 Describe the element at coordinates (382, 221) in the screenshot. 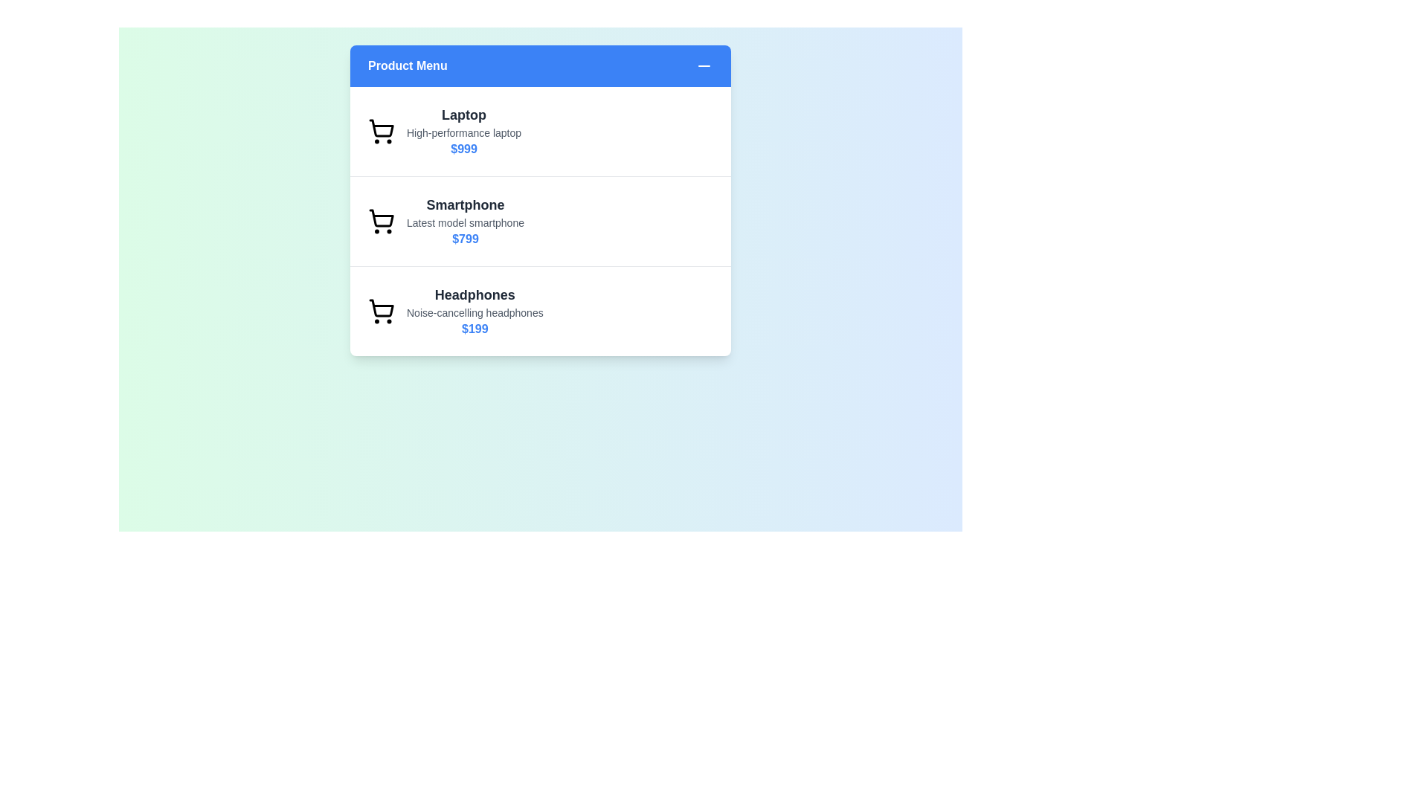

I see `the product icon for Smartphone` at that location.